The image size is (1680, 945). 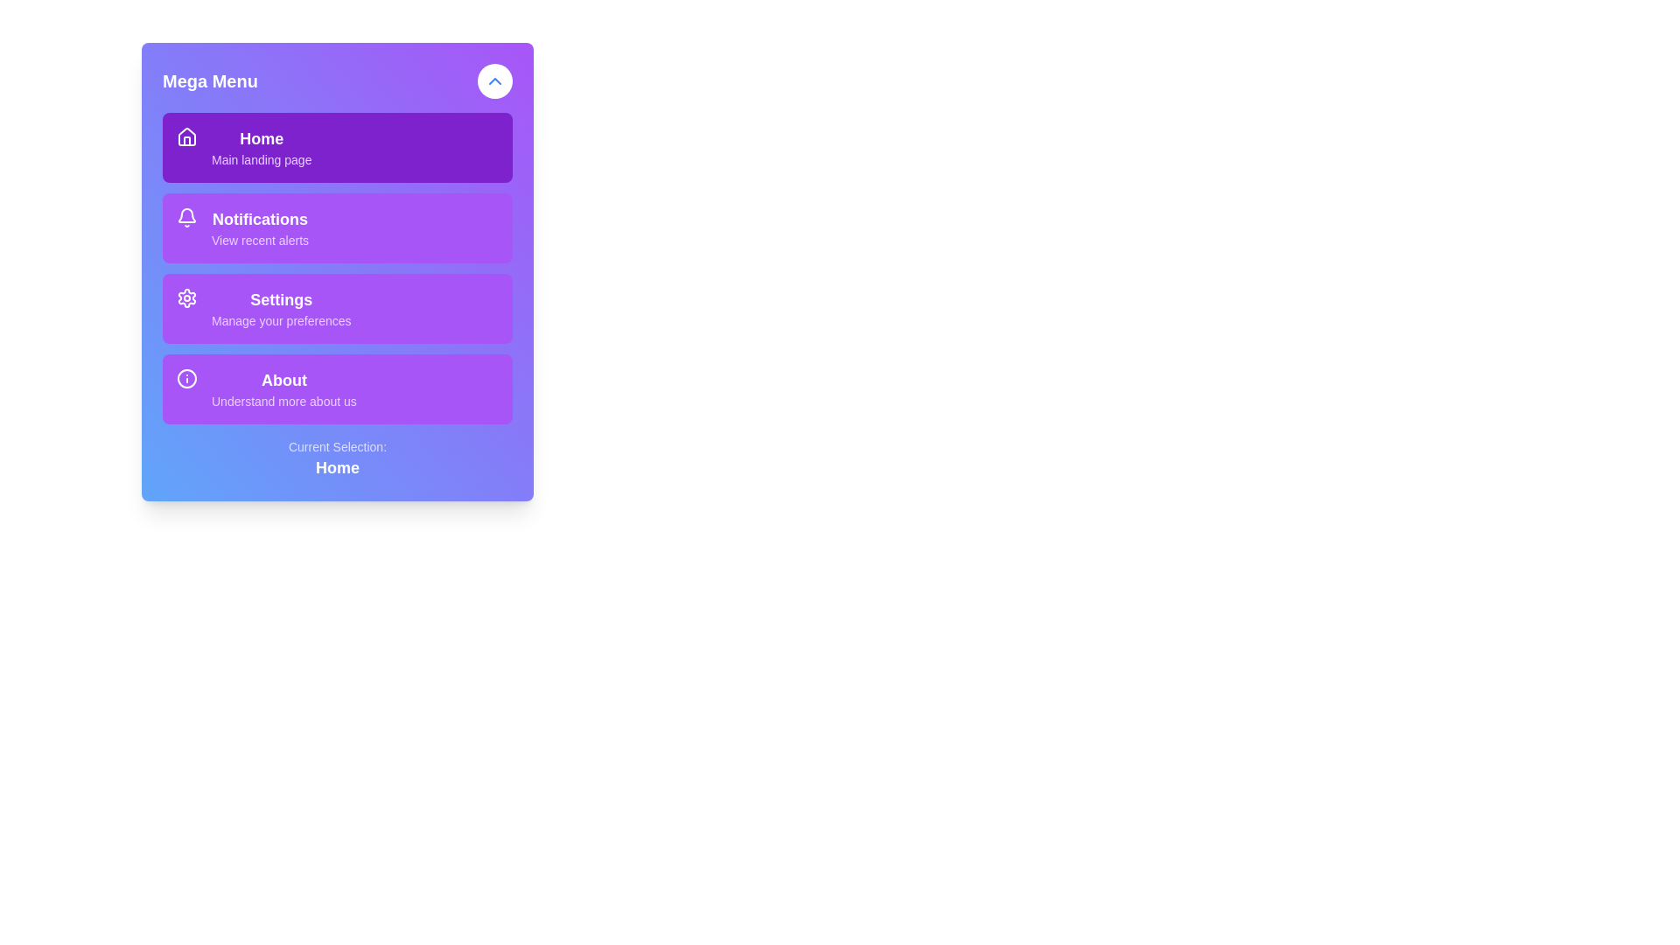 I want to click on the 'About Us' button located in the sidebar menu, which is the fourth item below the 'Settings' section, so click(x=337, y=388).